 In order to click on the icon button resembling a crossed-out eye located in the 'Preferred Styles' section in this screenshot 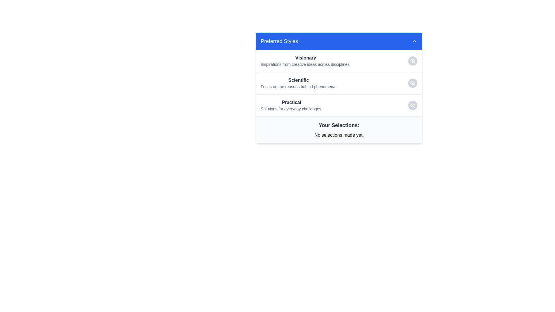, I will do `click(412, 105)`.